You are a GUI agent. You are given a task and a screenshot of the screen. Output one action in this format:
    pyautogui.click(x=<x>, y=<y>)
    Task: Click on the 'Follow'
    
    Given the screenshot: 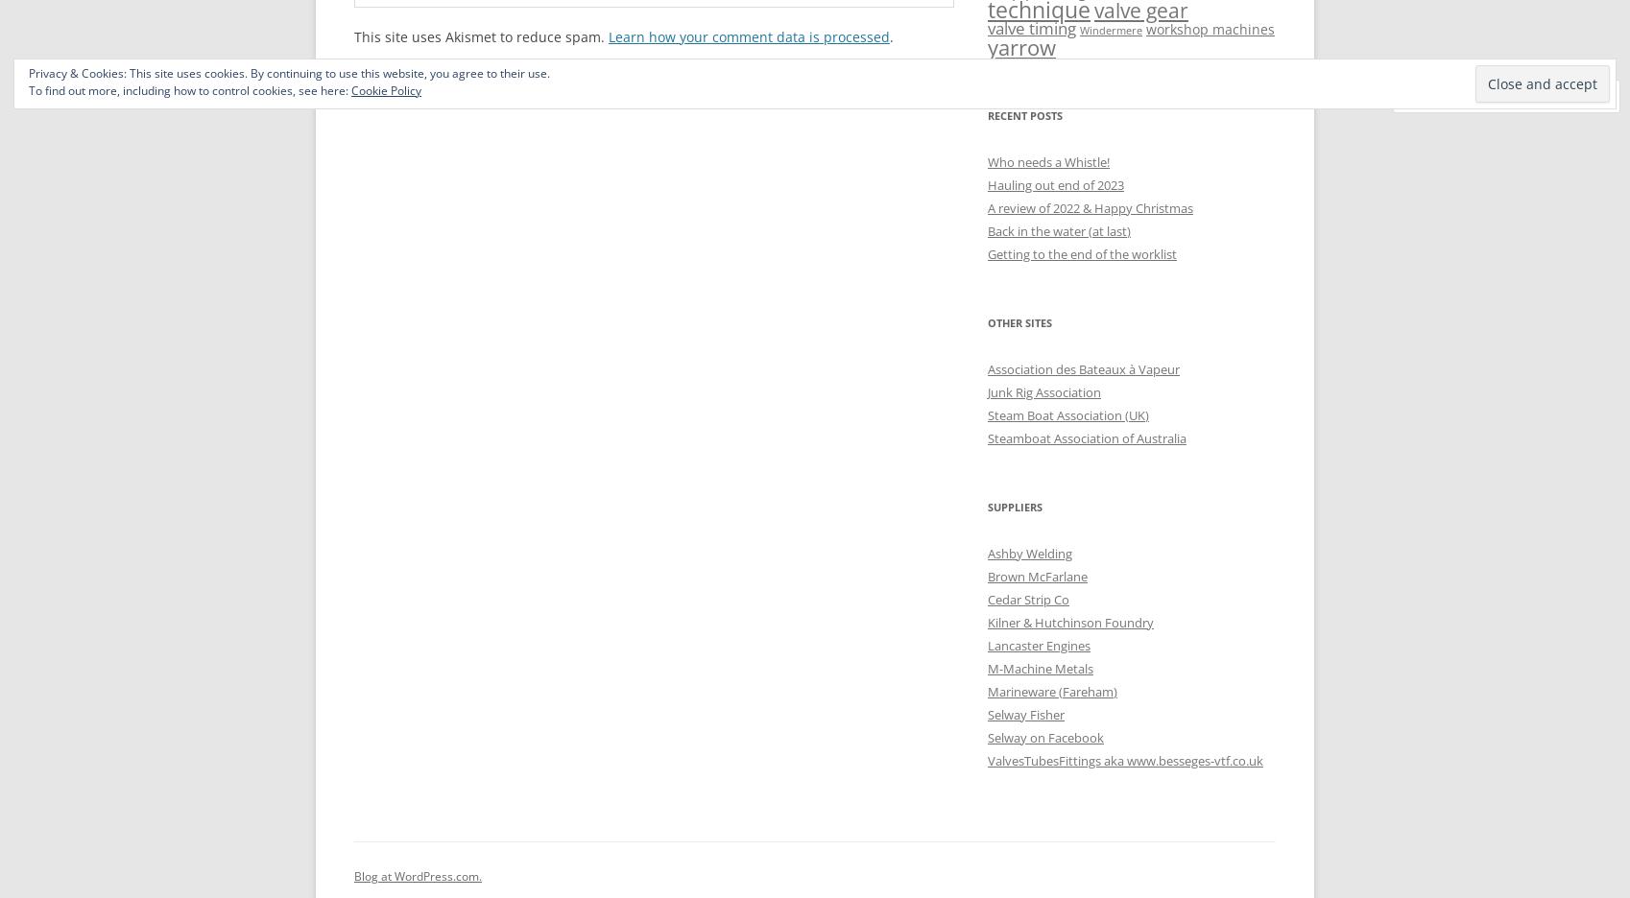 What is the action you would take?
    pyautogui.click(x=1551, y=95)
    